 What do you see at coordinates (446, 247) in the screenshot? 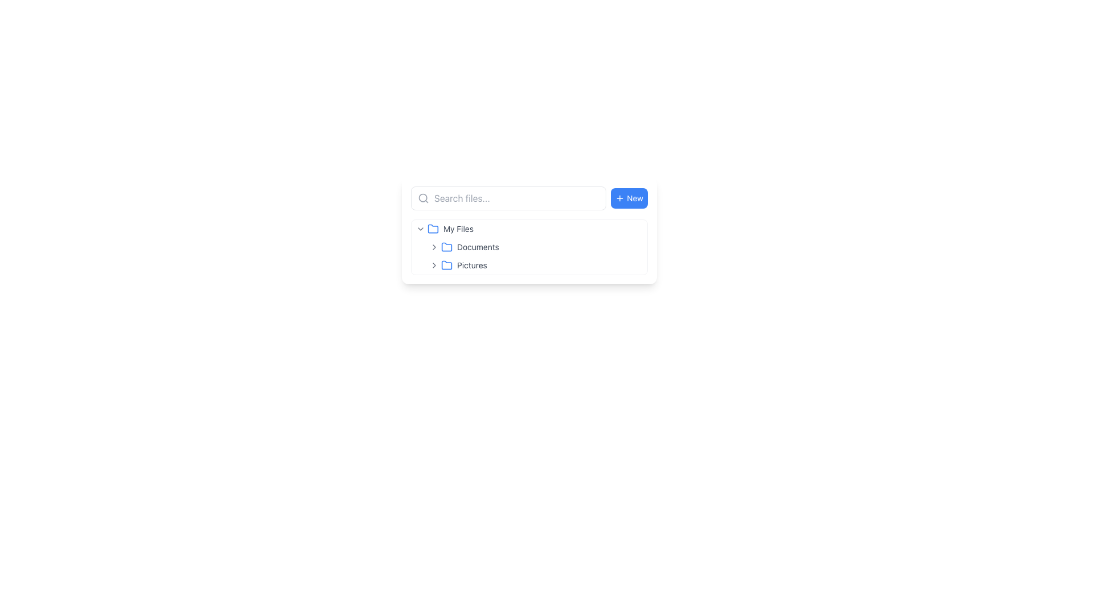
I see `the folder icon that indicates a directory or folder in the file navigation interface, positioned to the left of the 'Documents' text` at bounding box center [446, 247].